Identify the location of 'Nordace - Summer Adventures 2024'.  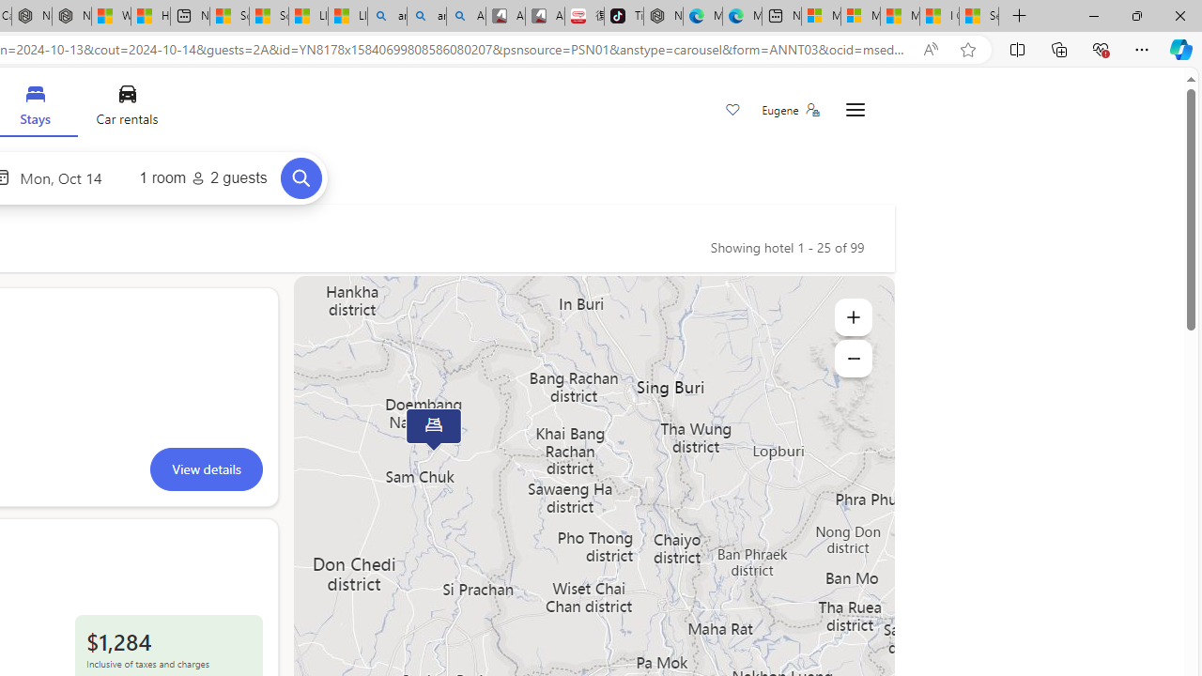
(71, 16).